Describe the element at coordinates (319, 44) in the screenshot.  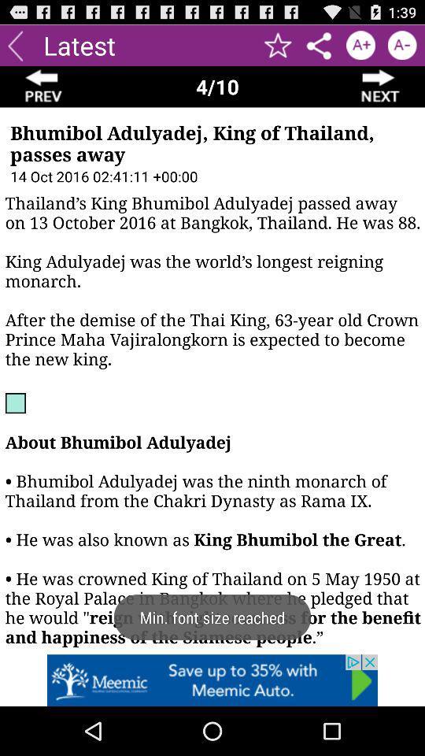
I see `share button` at that location.